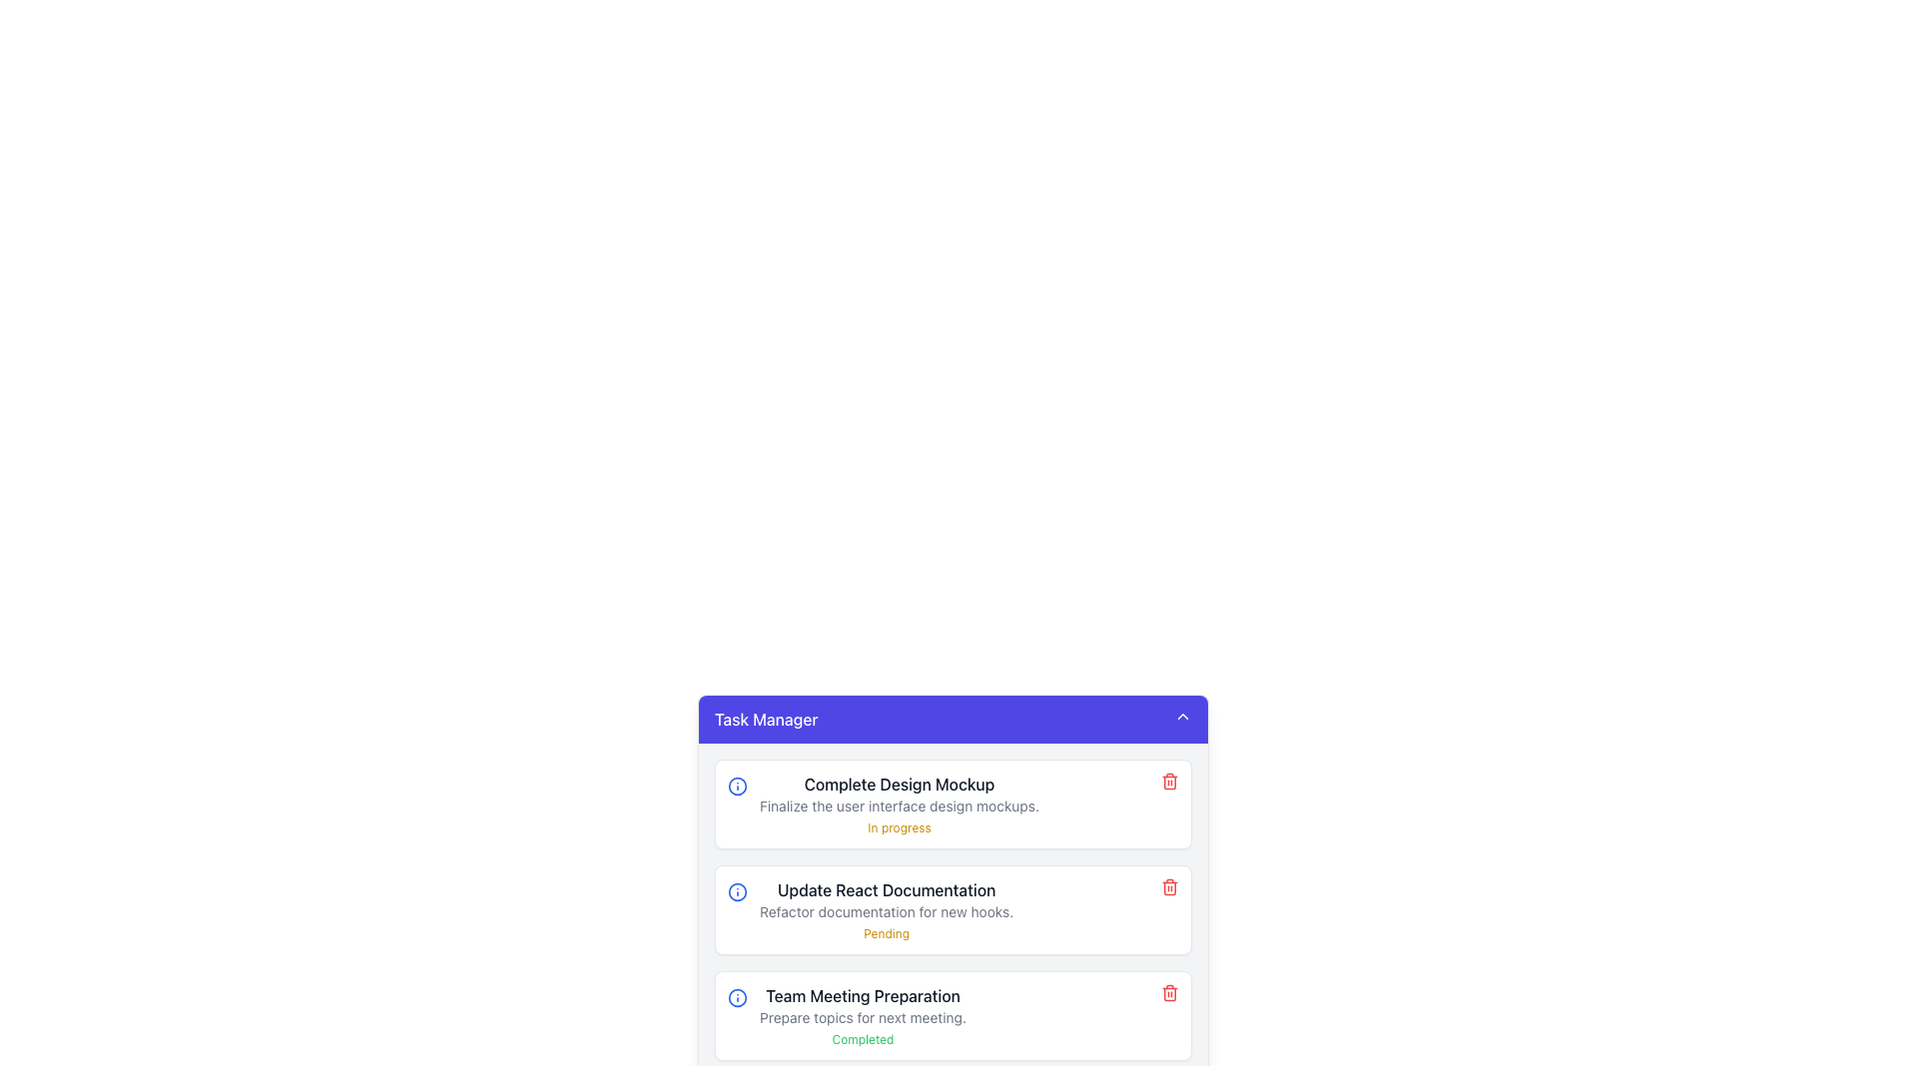 The height and width of the screenshot is (1078, 1917). Describe the element at coordinates (1169, 885) in the screenshot. I see `the delete button located at the far right of the 'Update React Documentation' task card` at that location.